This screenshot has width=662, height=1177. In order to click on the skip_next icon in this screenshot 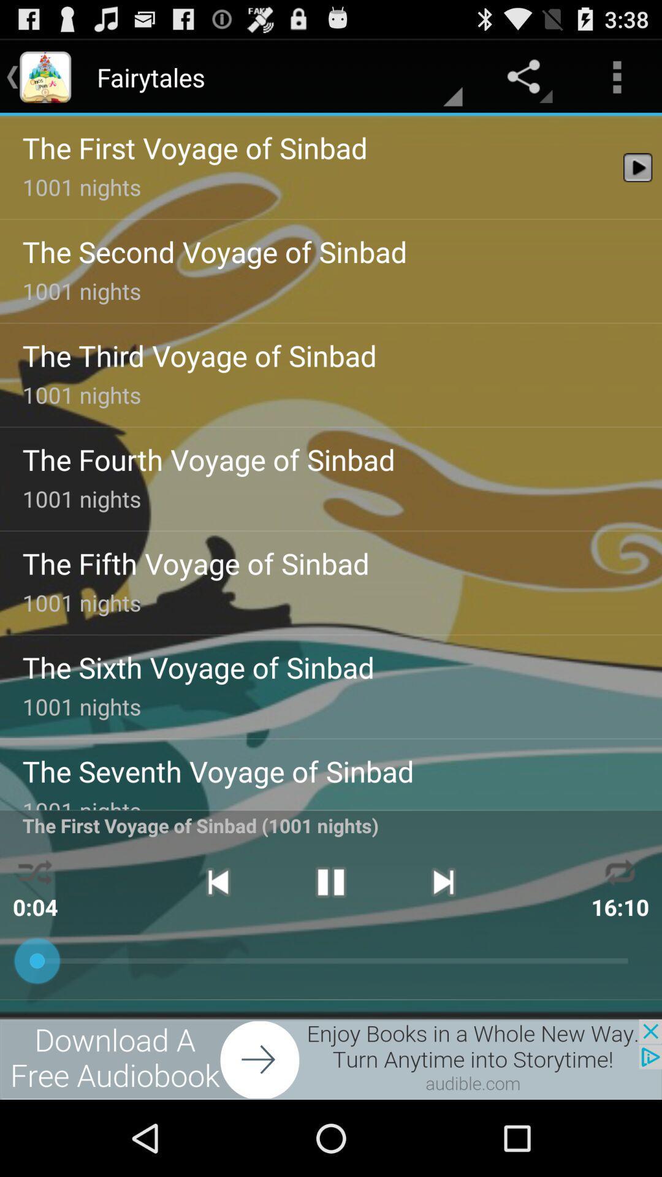, I will do `click(443, 943)`.